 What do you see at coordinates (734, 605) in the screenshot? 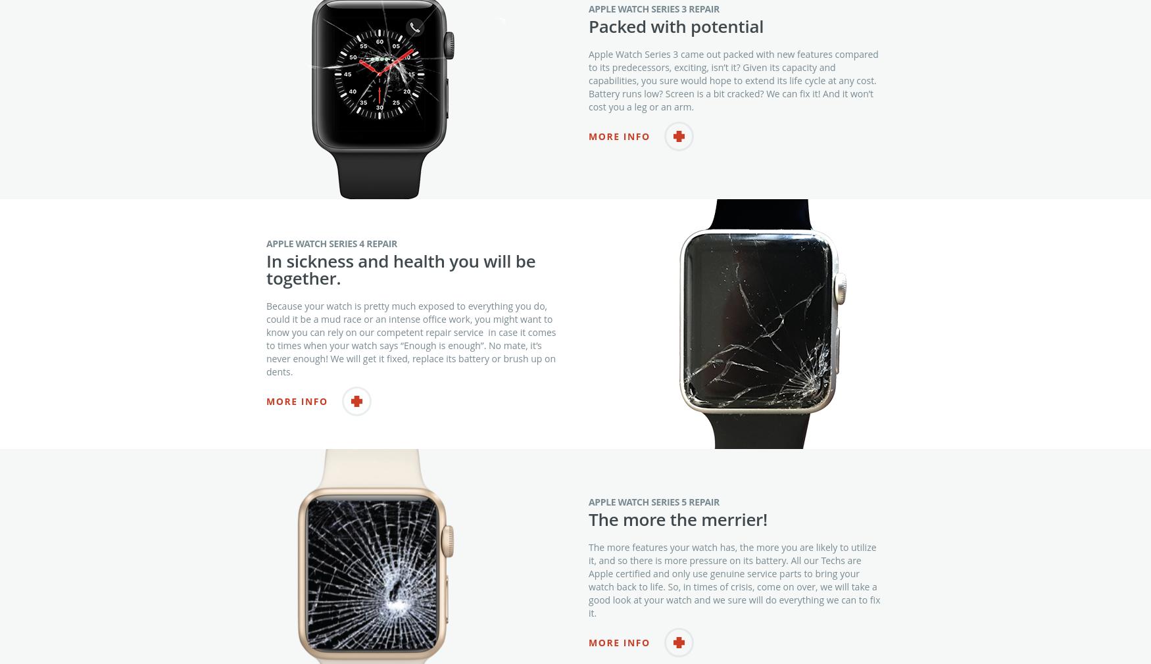
I see `'The more features your watch has, the more you are likely to utilize it, and so there is more pressure on its battery. All our Techs are Apple certified and only use genuine service parts to bring your watch back to life. So, in times of crisis, come on over, we will take a good look at your watch and we sure will do everything we can to fix it.'` at bounding box center [734, 605].